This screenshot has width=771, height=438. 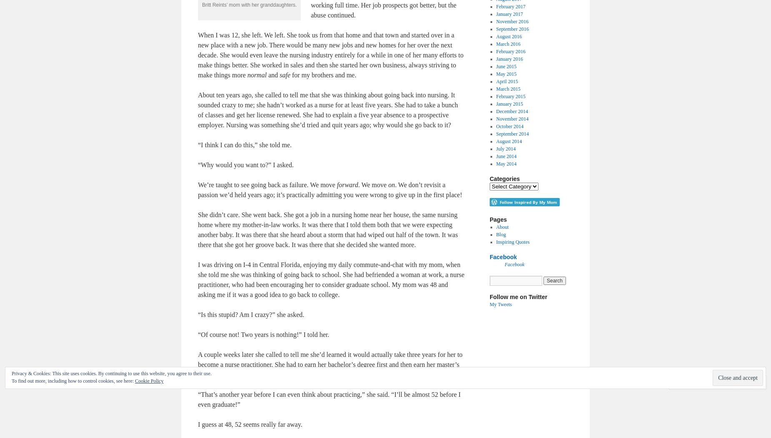 What do you see at coordinates (373, 184) in the screenshot?
I see `'. We move'` at bounding box center [373, 184].